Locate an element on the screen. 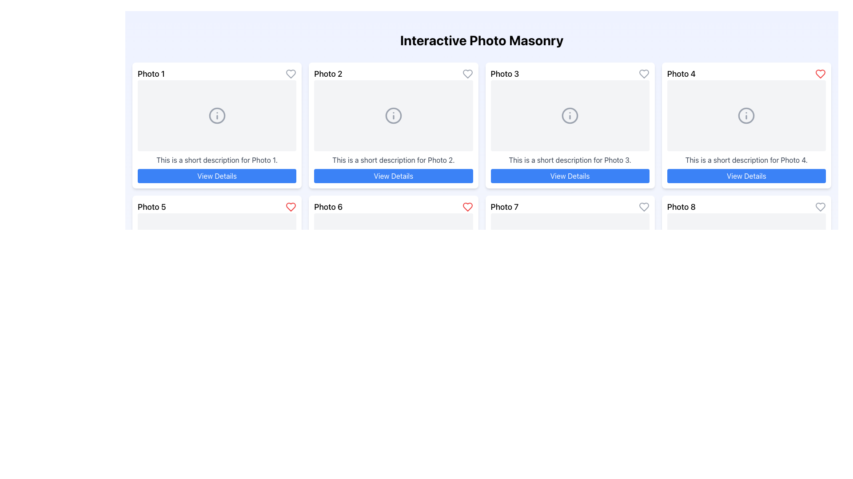 The height and width of the screenshot is (479, 853). the heart-shaped button with a gray outline located in the top-right corner of the 'Photo 7' card to mark it as a favorite is located at coordinates (644, 207).